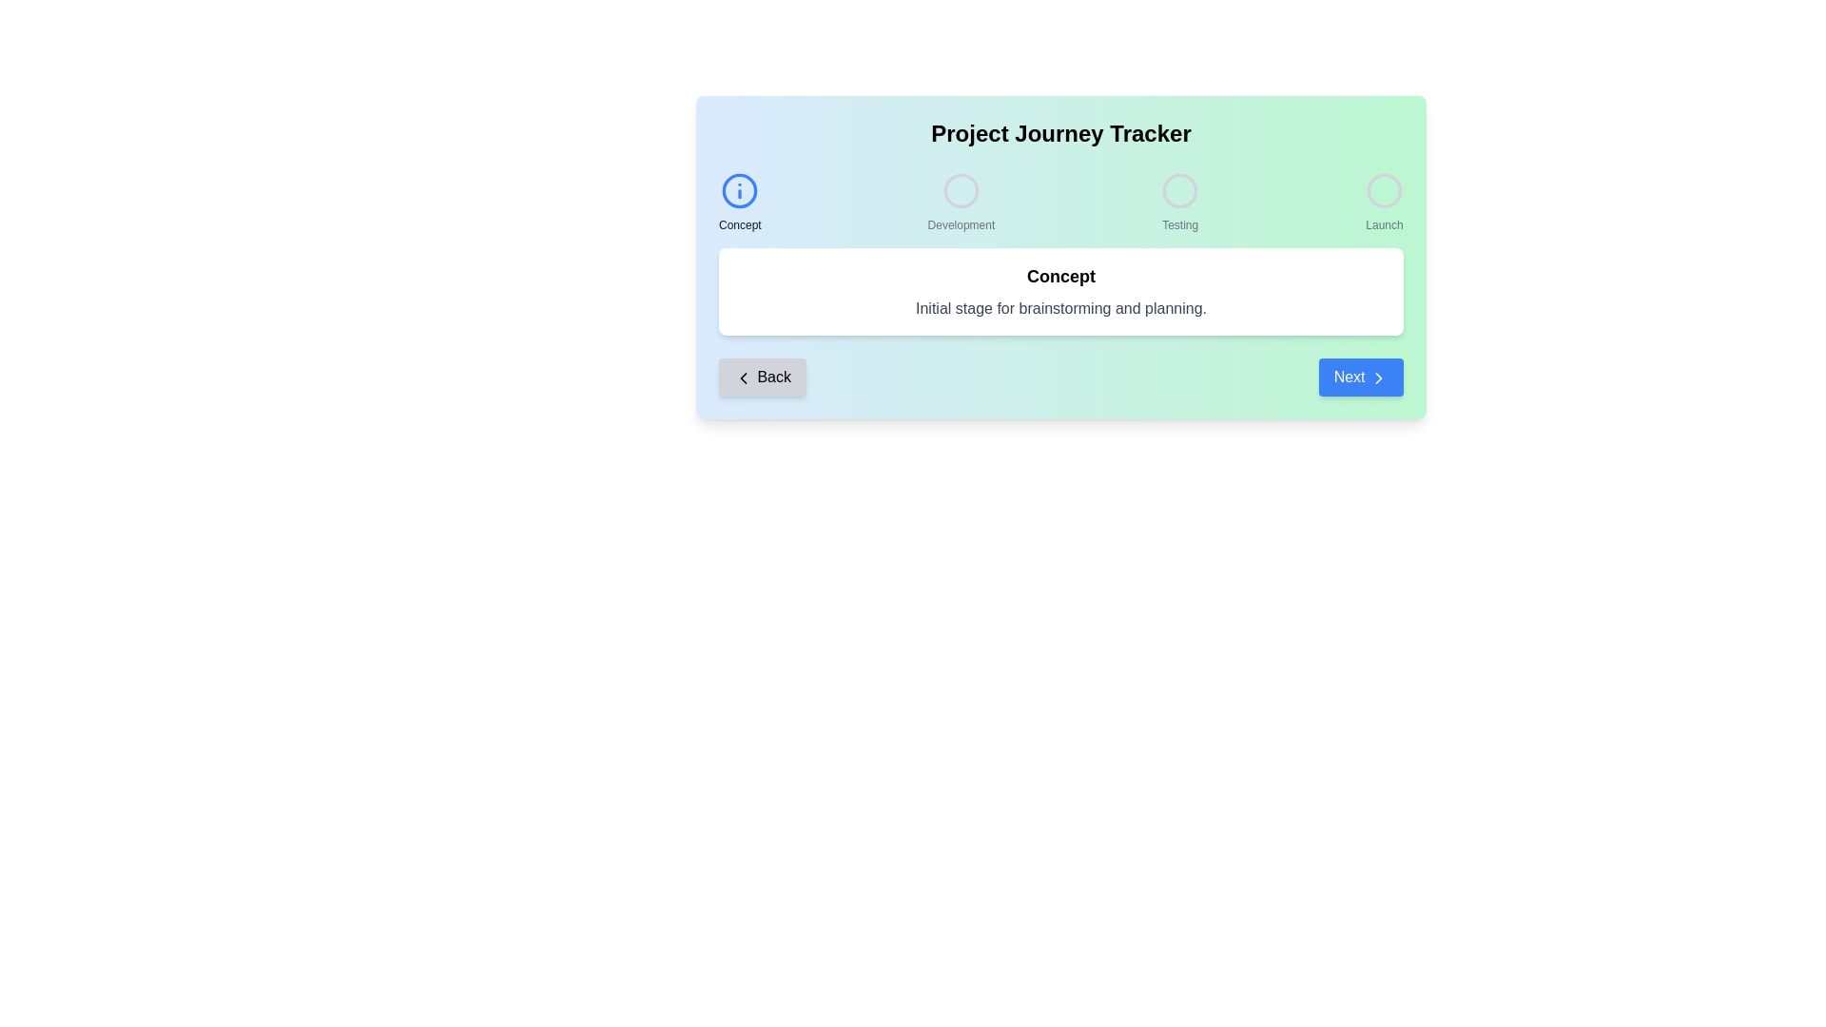  I want to click on the 'Back' button located at the bottom-left corner of the main card component, so click(762, 378).